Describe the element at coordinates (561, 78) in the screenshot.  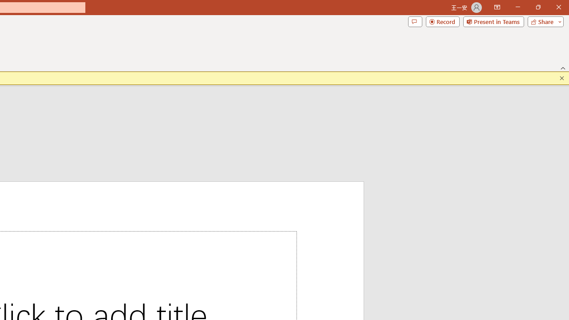
I see `'Close this message'` at that location.